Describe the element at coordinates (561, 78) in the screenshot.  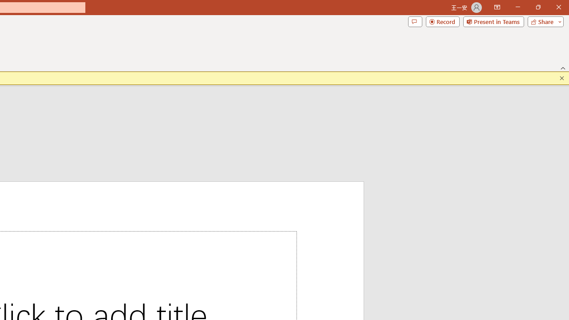
I see `'Close this message'` at that location.